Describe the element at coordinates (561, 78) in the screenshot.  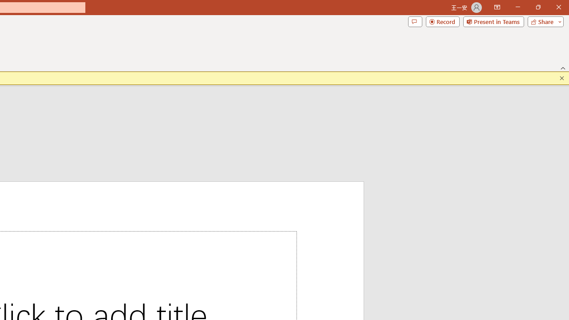
I see `'Close this message'` at that location.